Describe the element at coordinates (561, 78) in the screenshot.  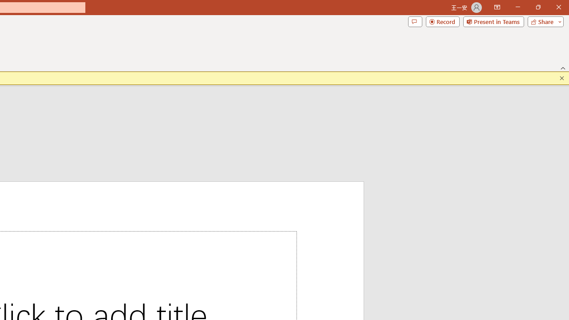
I see `'Close this message'` at that location.